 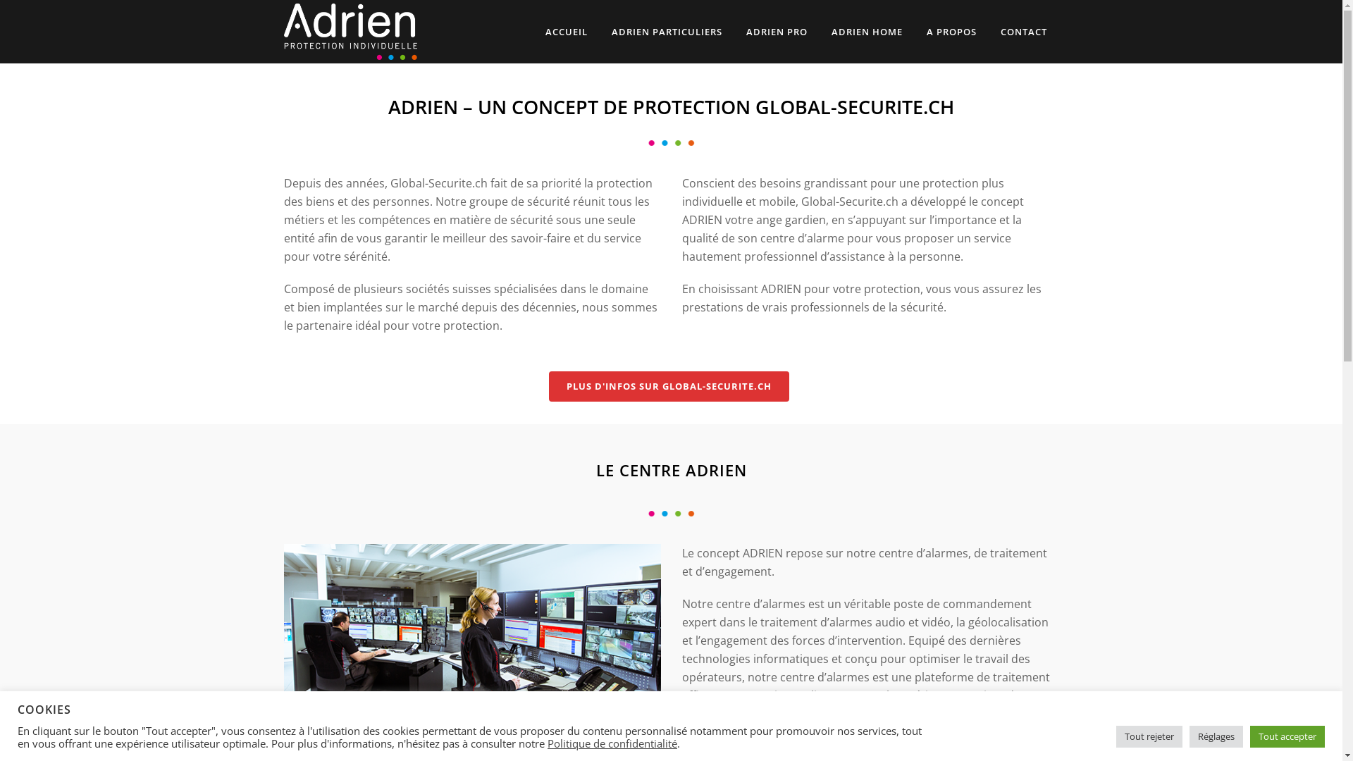 What do you see at coordinates (565, 32) in the screenshot?
I see `'ACCUEIL'` at bounding box center [565, 32].